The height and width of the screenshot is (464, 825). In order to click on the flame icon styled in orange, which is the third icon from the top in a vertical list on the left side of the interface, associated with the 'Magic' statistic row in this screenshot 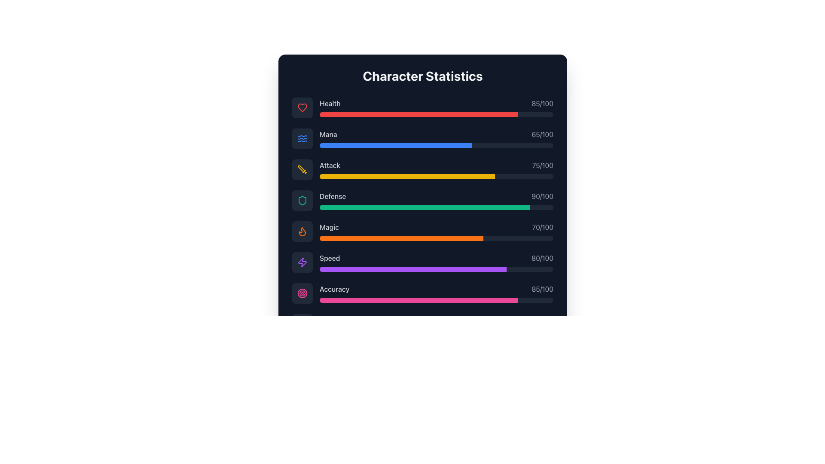, I will do `click(302, 231)`.